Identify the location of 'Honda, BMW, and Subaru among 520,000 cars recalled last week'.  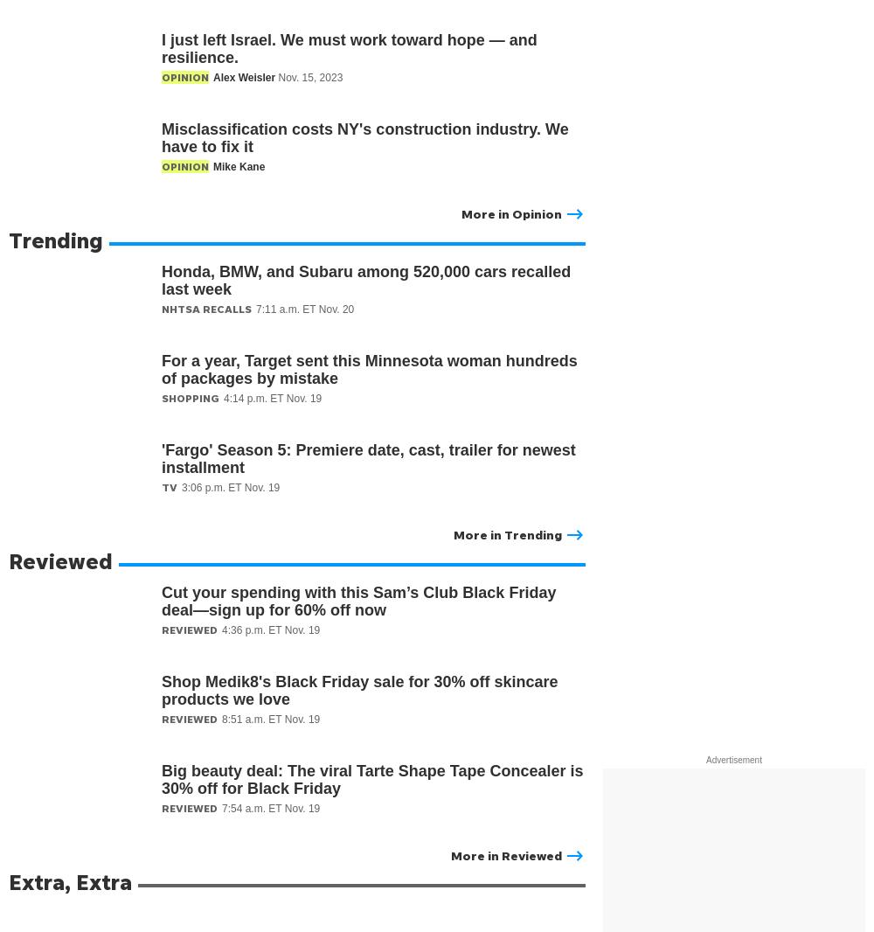
(366, 280).